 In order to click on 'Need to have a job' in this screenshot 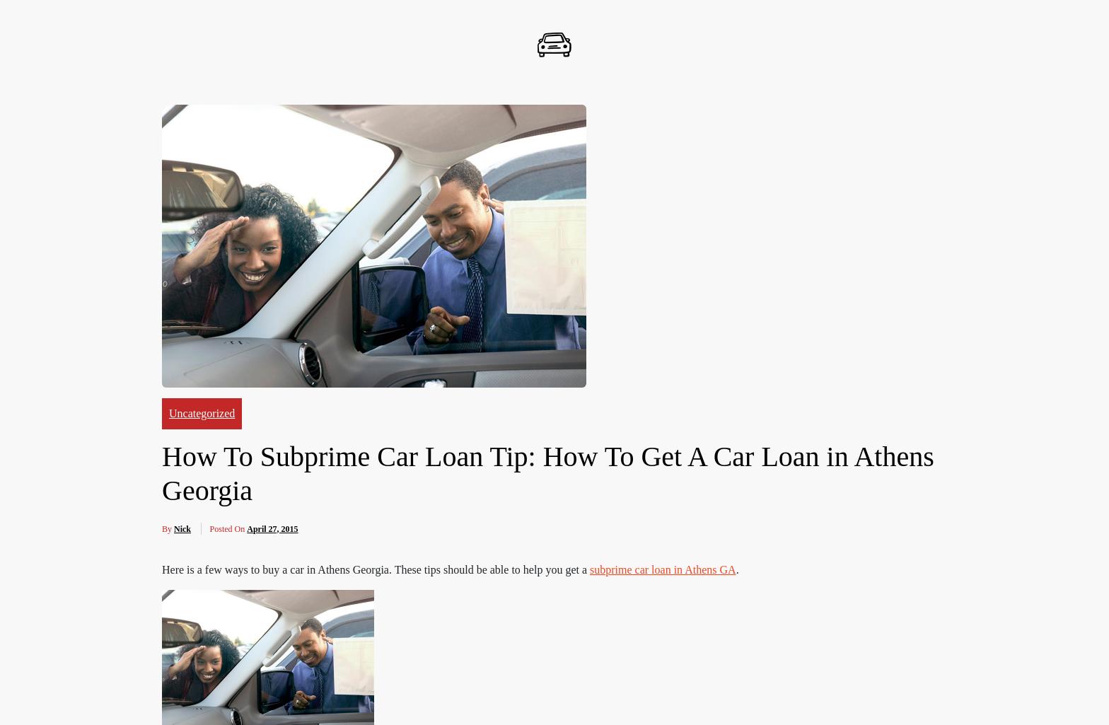, I will do `click(218, 40)`.